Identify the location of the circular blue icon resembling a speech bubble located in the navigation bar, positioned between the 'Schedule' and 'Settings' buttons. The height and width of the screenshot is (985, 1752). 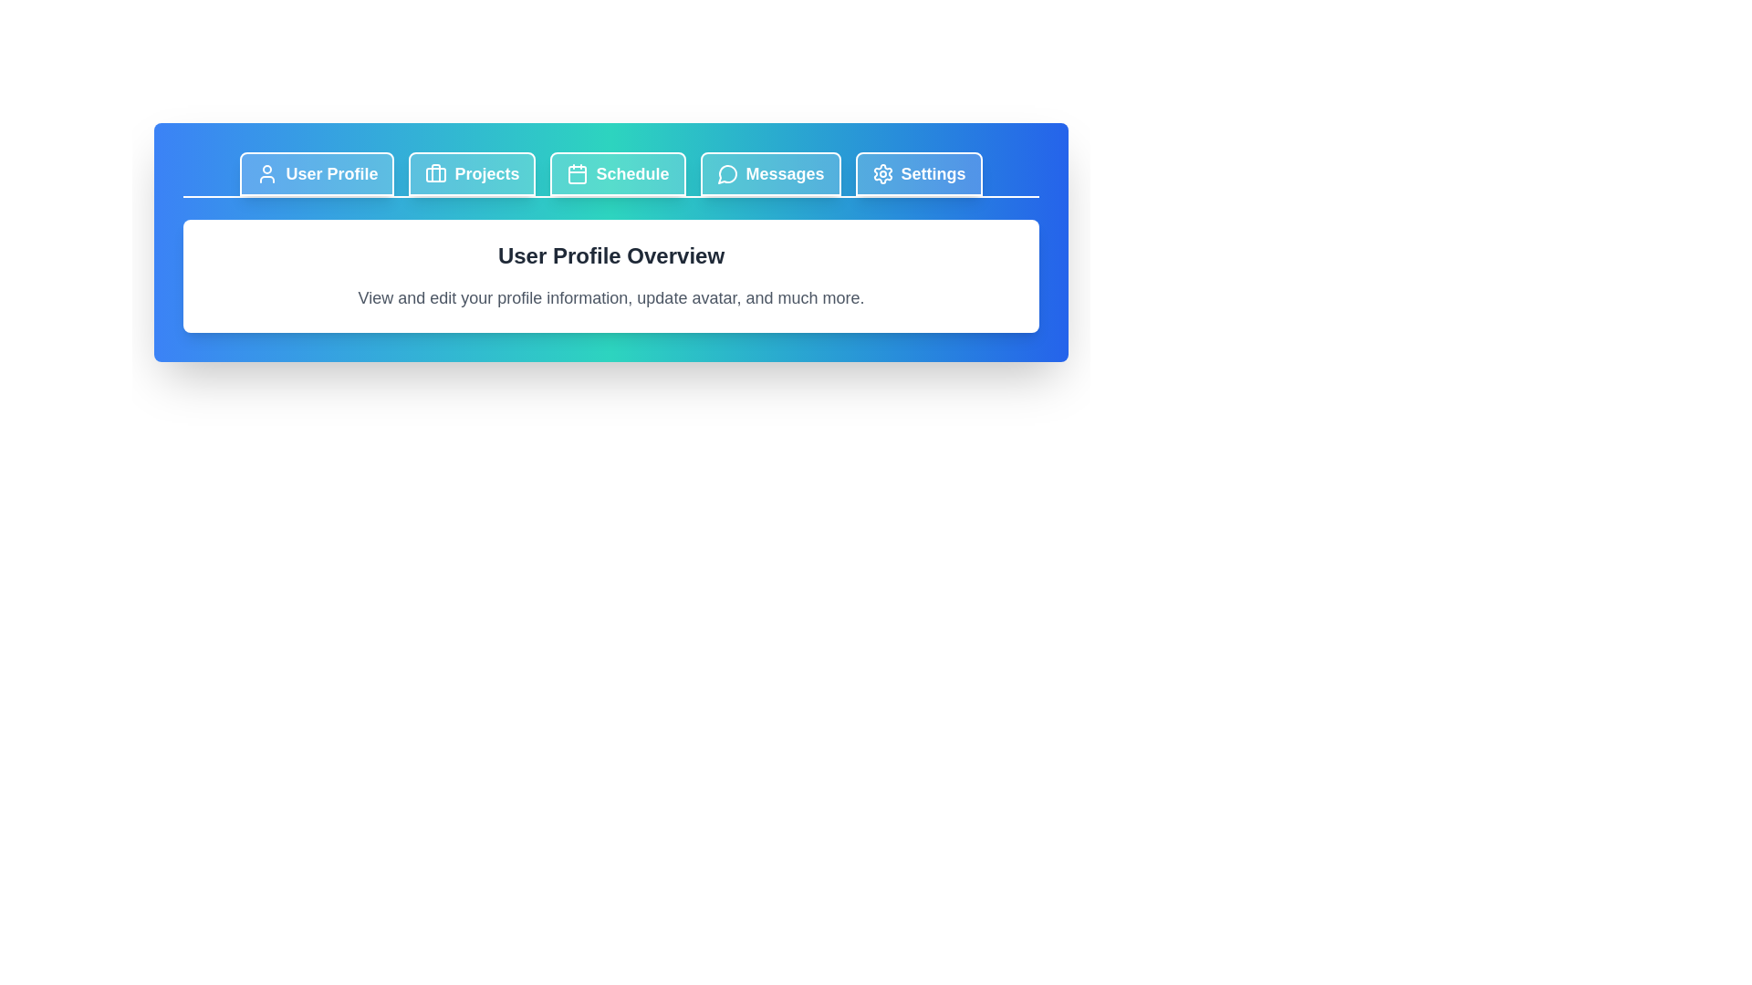
(725, 174).